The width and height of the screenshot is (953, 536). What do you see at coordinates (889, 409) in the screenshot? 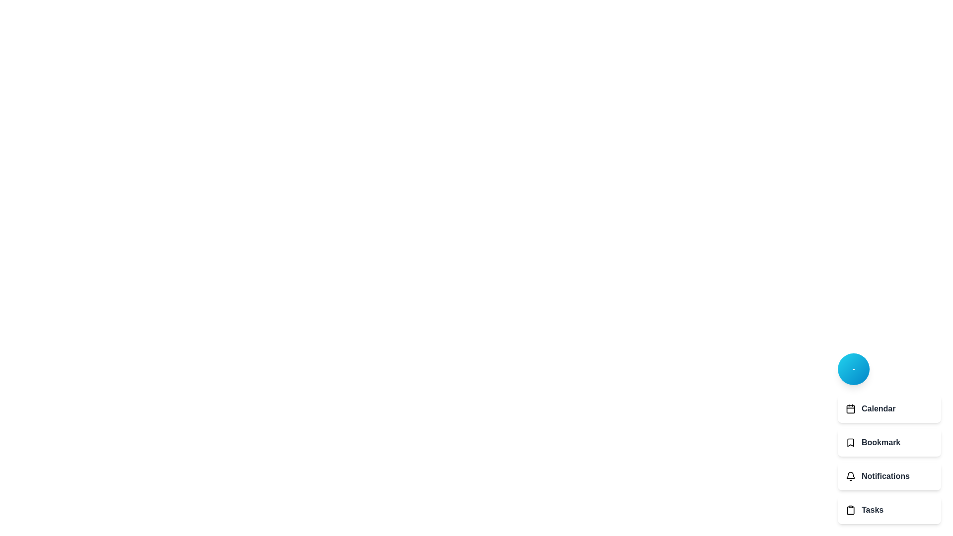
I see `the Calendar option from the menu` at bounding box center [889, 409].